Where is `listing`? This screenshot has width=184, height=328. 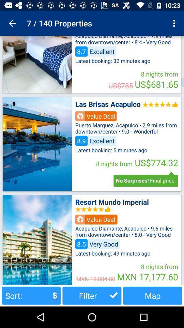 listing is located at coordinates (37, 144).